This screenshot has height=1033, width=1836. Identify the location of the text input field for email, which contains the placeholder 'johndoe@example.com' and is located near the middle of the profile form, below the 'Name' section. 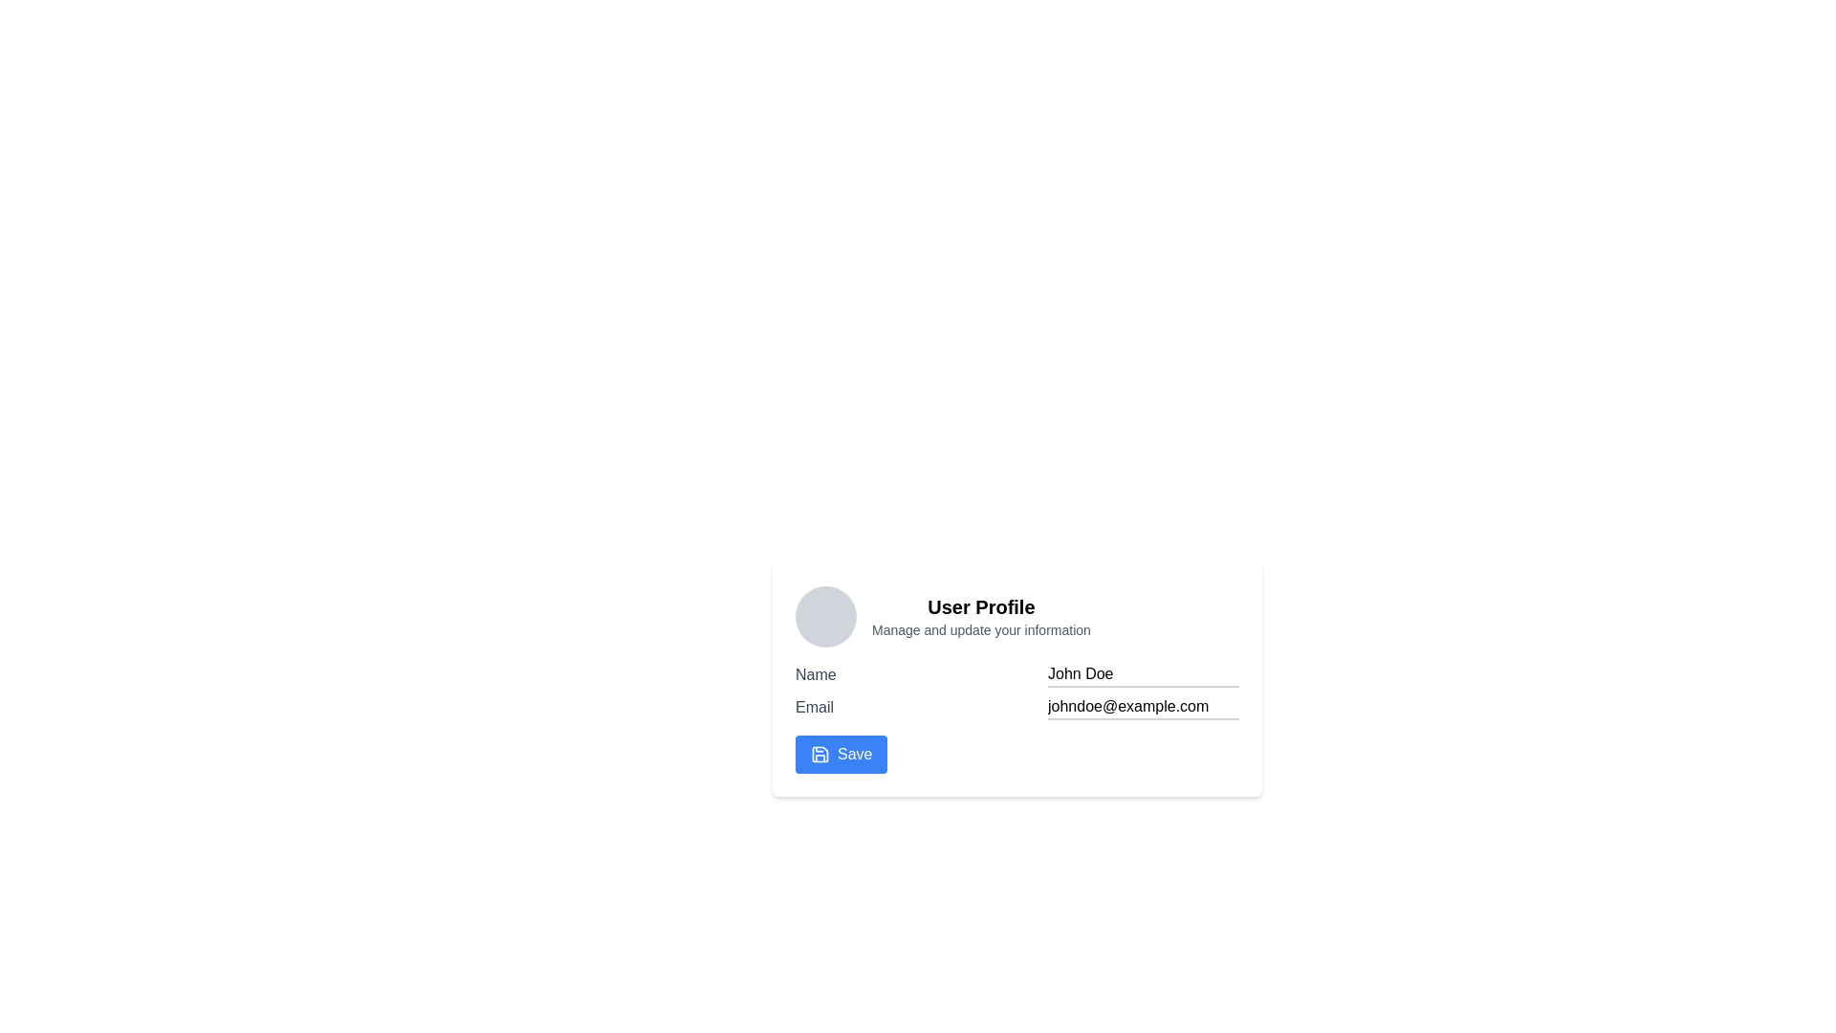
(1143, 708).